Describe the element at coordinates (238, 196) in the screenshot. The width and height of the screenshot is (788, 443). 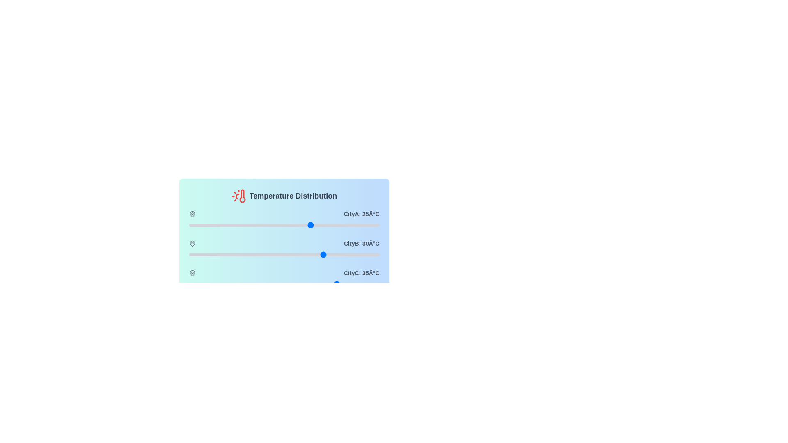
I see `the thermometer icon in the header` at that location.